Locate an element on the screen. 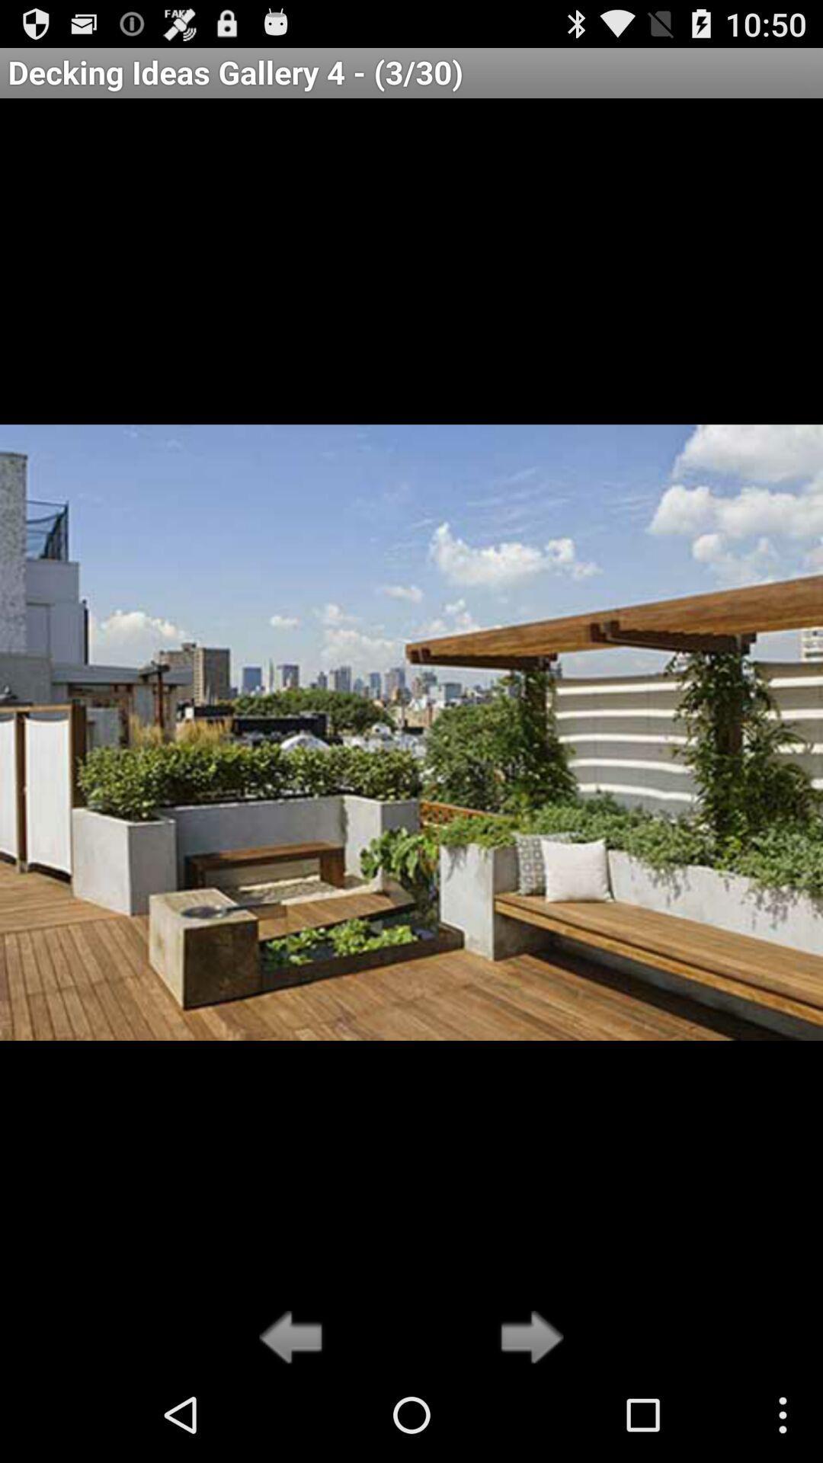  previous photo is located at coordinates (295, 1338).